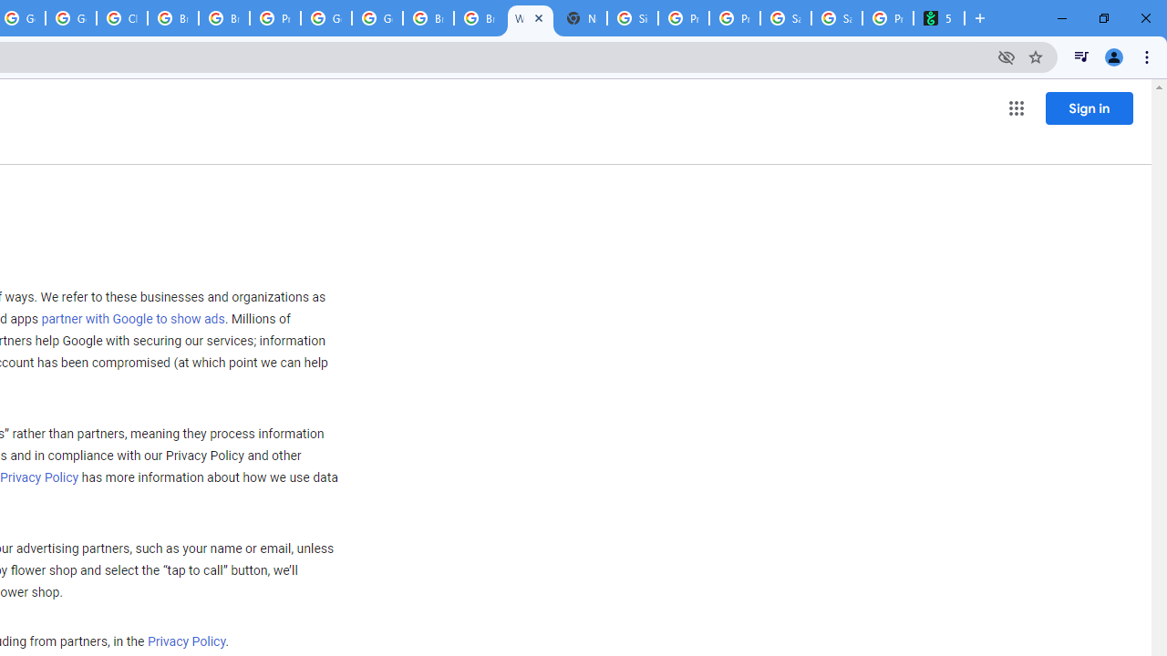  What do you see at coordinates (326, 18) in the screenshot?
I see `'Google Cloud Platform'` at bounding box center [326, 18].